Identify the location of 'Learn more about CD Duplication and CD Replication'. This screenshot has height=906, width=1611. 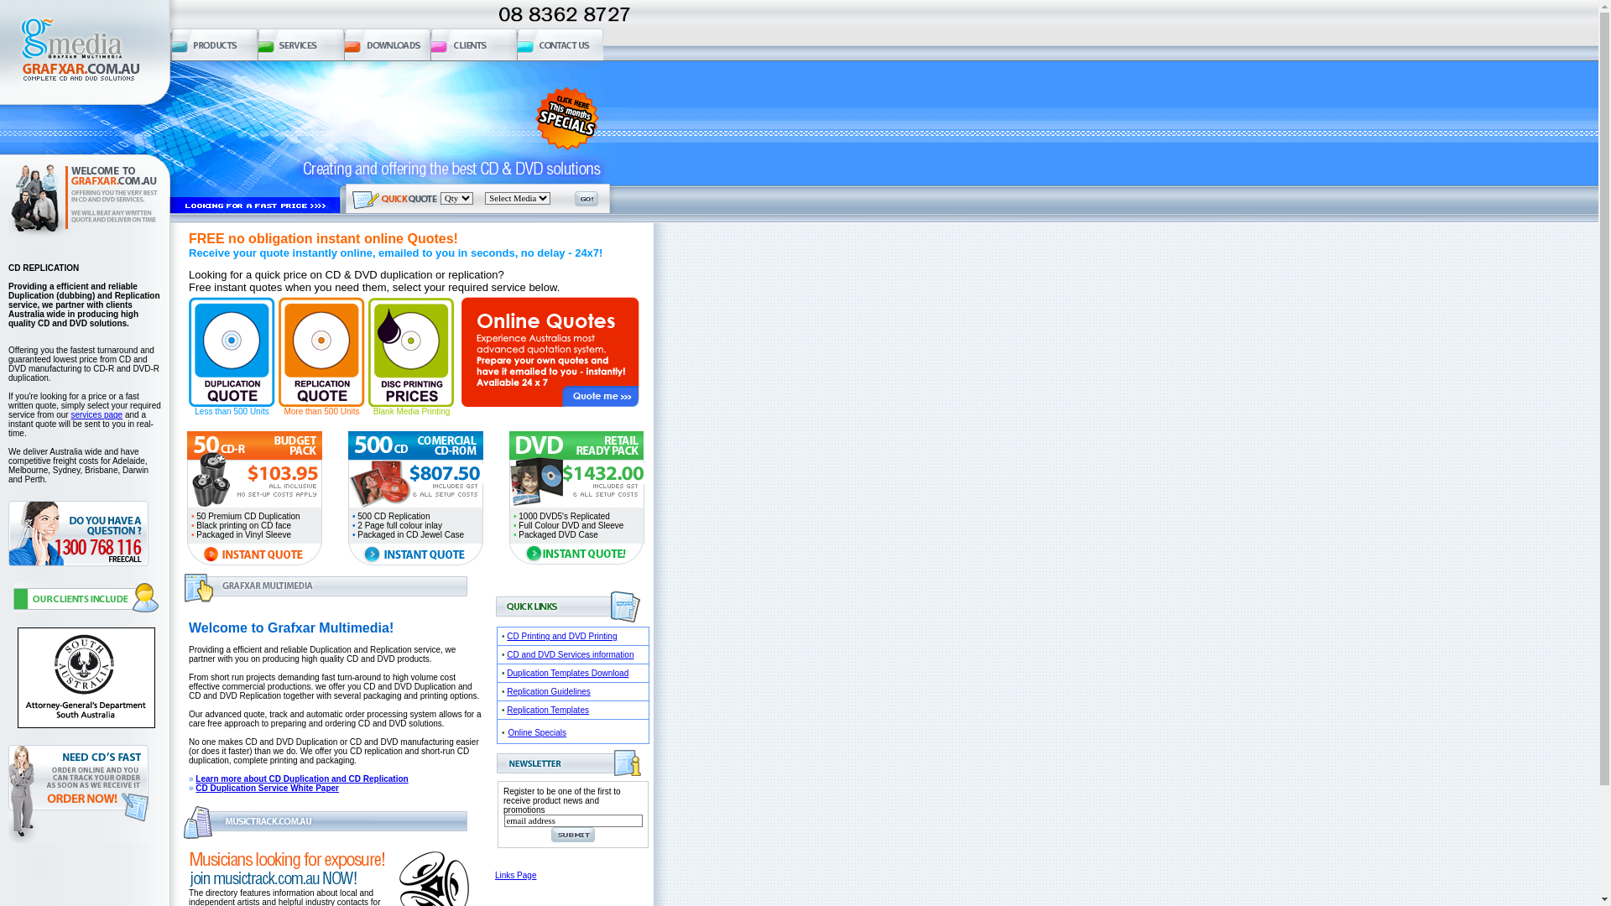
(301, 778).